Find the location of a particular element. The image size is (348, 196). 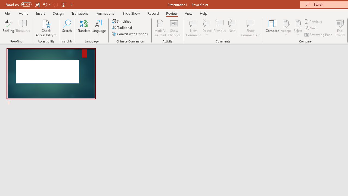

'Delete' is located at coordinates (207, 28).